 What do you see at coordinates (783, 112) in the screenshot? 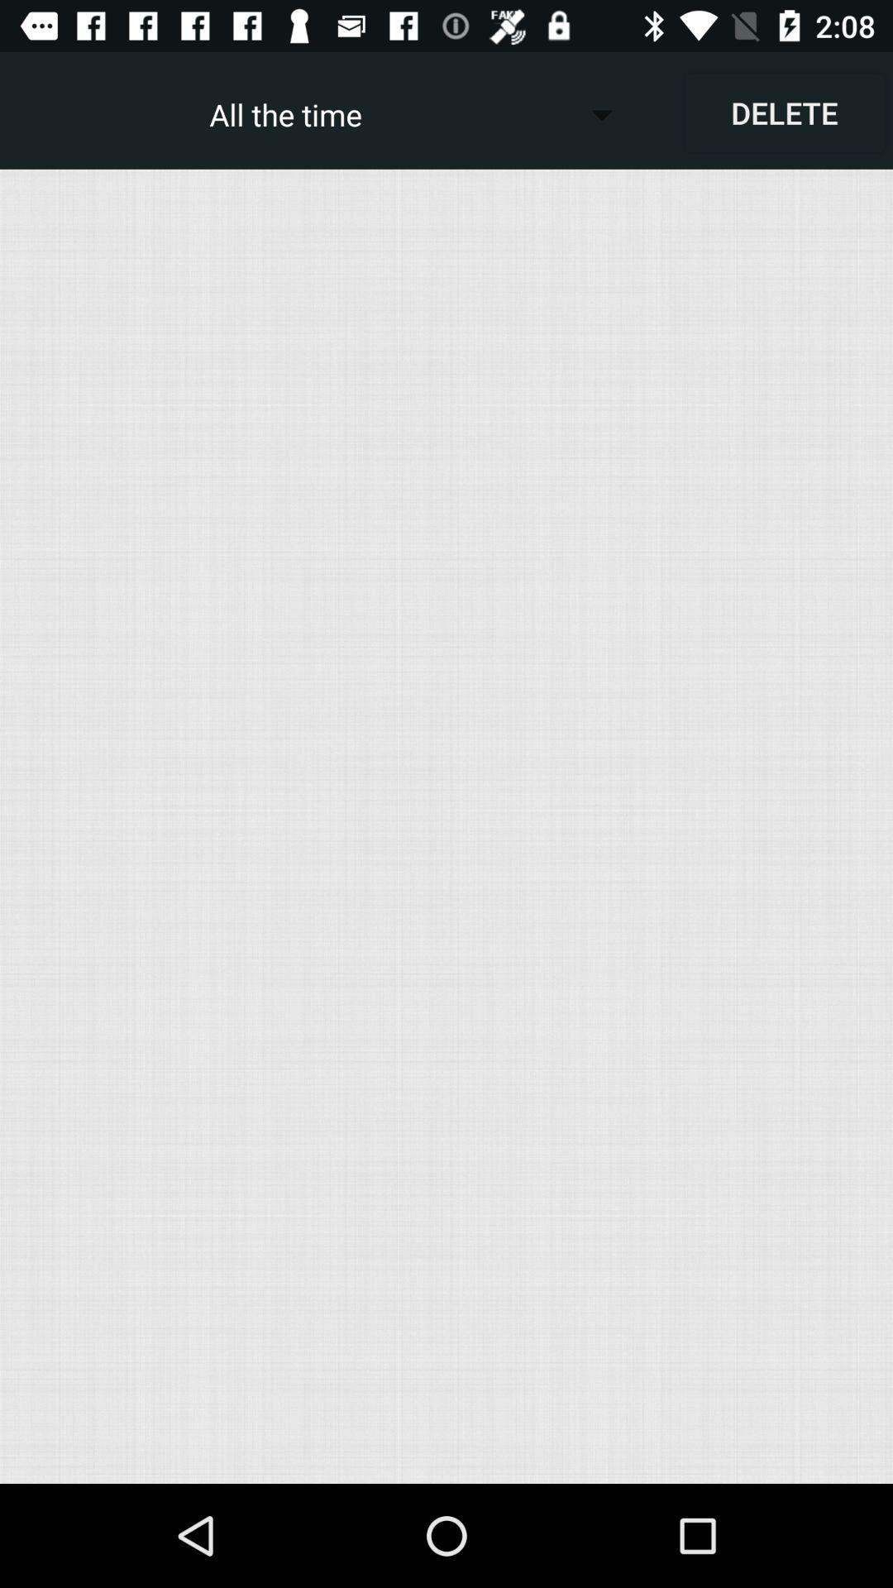
I see `item to the right of the all the time icon` at bounding box center [783, 112].